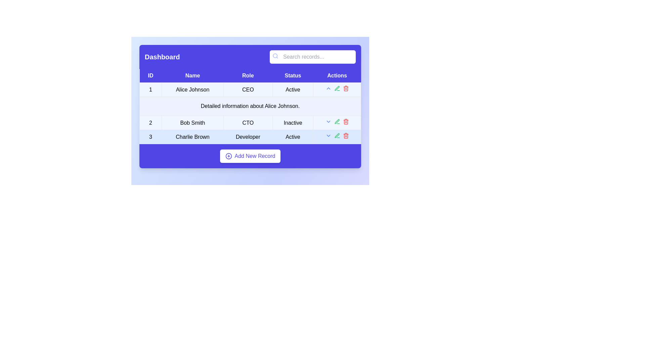 This screenshot has height=362, width=645. What do you see at coordinates (192, 136) in the screenshot?
I see `the label displaying 'Charlie Brown' located in the third row and second column of the table under the 'Name' column` at bounding box center [192, 136].